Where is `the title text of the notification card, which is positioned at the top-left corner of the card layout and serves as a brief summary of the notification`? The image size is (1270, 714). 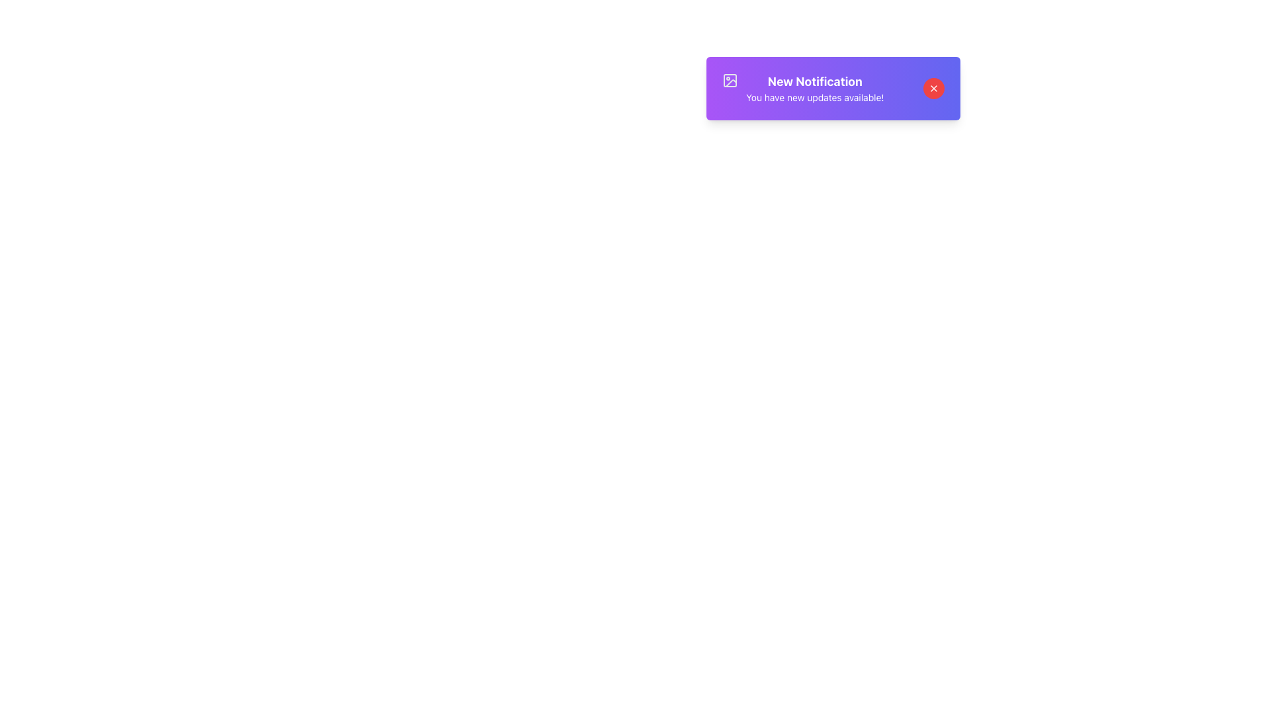
the title text of the notification card, which is positioned at the top-left corner of the card layout and serves as a brief summary of the notification is located at coordinates (814, 81).